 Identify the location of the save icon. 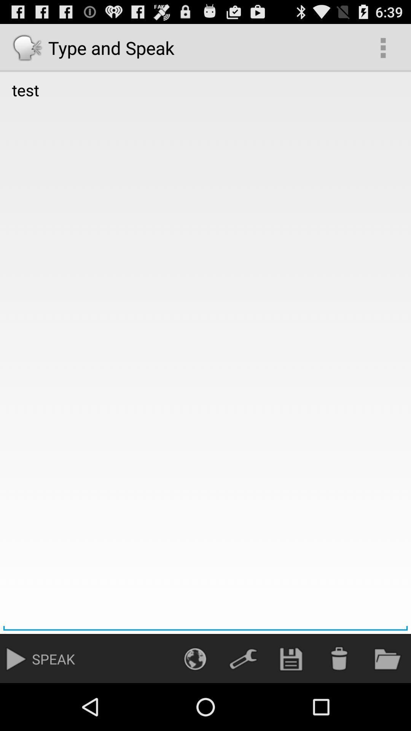
(291, 705).